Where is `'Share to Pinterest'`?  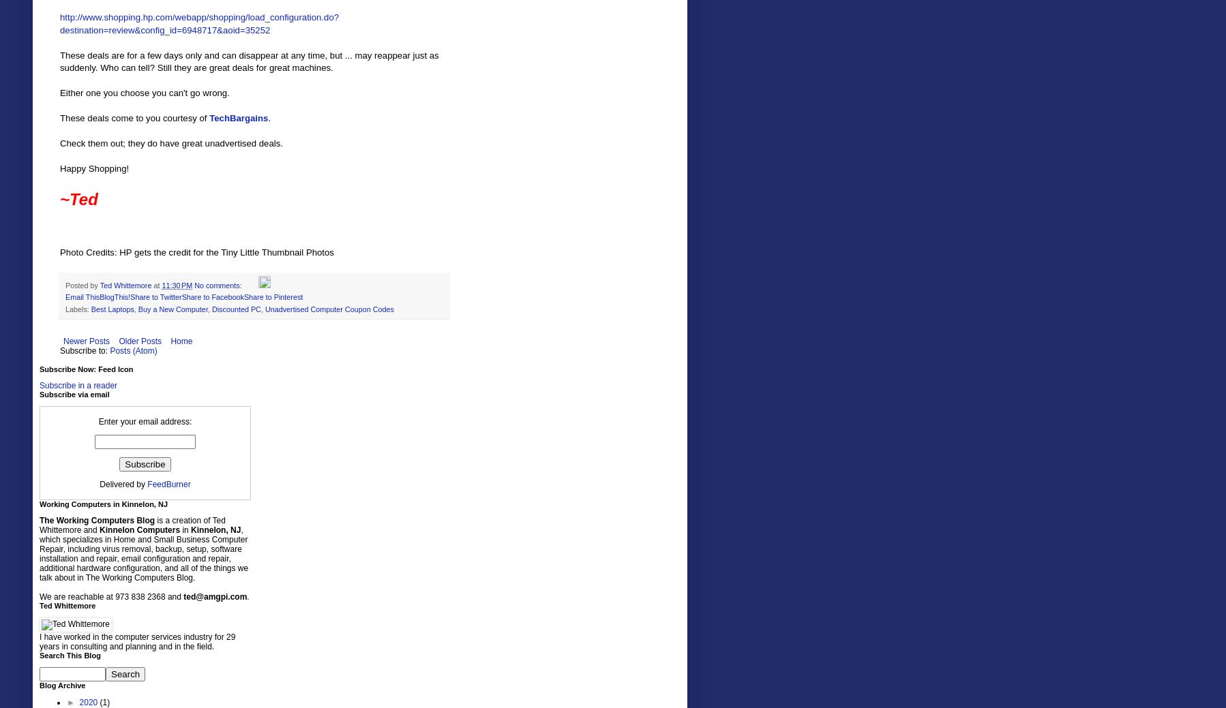
'Share to Pinterest' is located at coordinates (272, 296).